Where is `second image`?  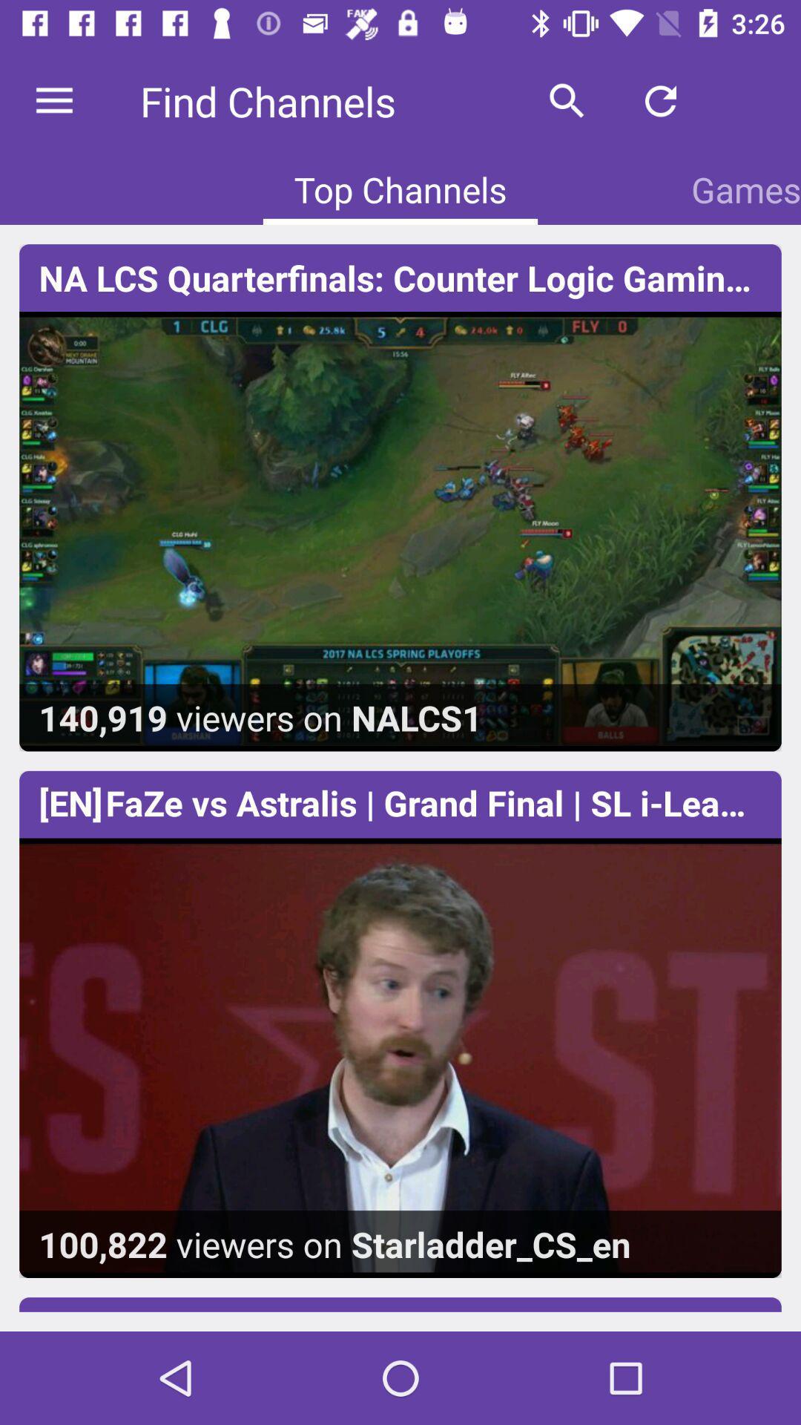
second image is located at coordinates (400, 1023).